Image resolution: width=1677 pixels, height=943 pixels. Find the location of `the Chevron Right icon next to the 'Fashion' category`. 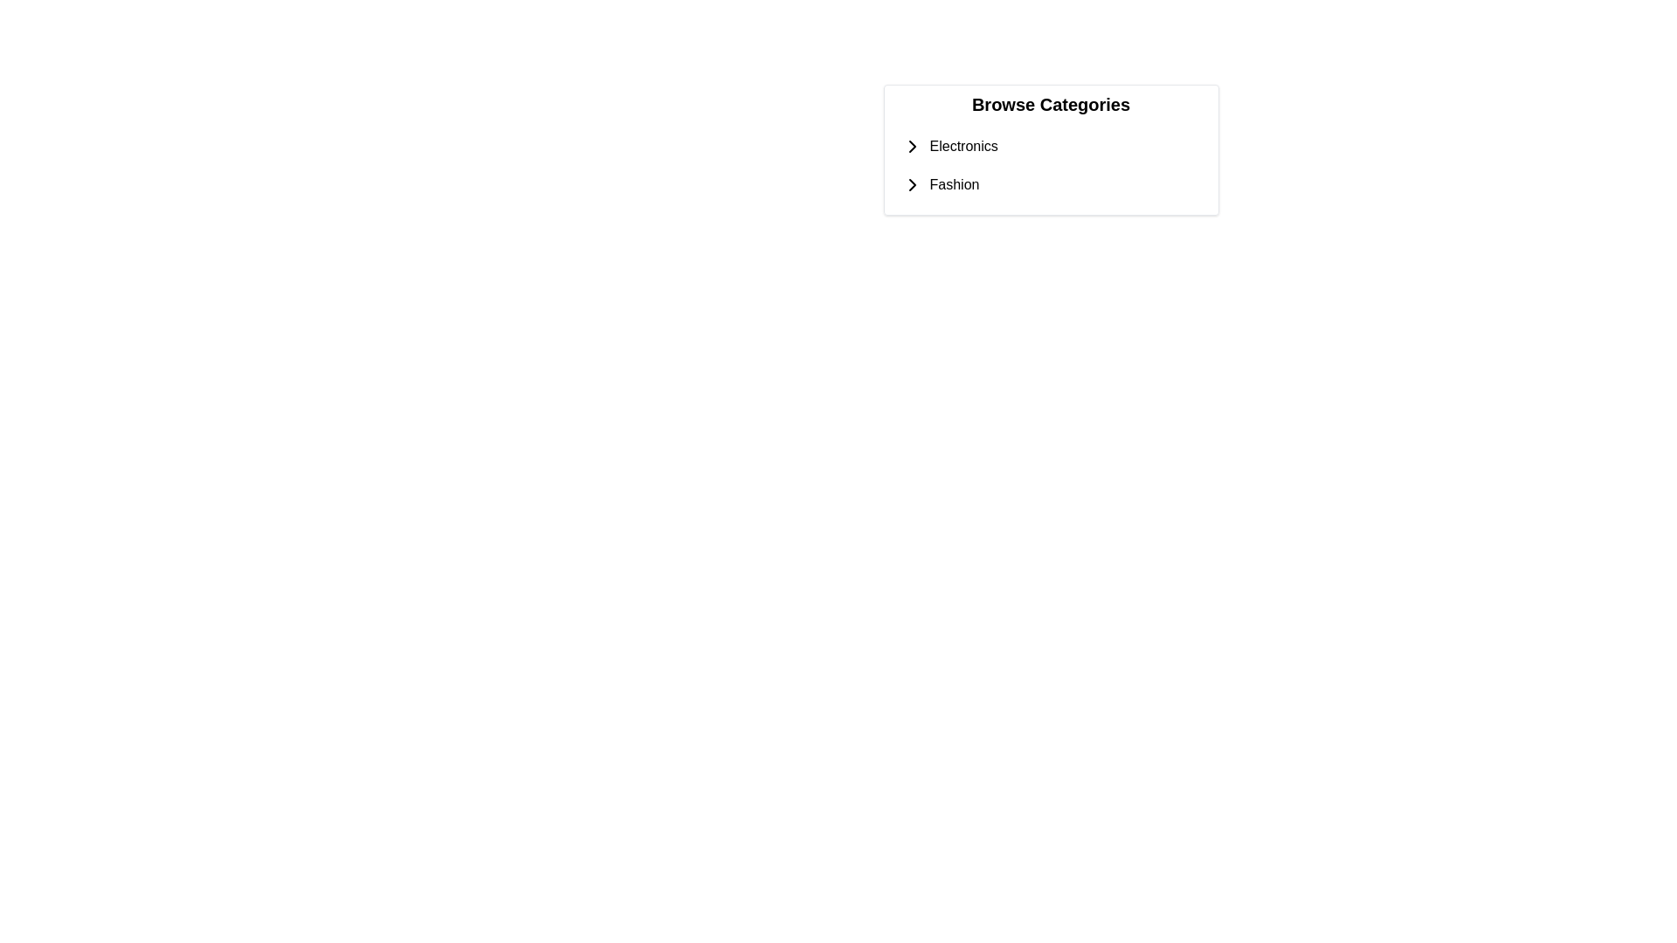

the Chevron Right icon next to the 'Fashion' category is located at coordinates (911, 185).